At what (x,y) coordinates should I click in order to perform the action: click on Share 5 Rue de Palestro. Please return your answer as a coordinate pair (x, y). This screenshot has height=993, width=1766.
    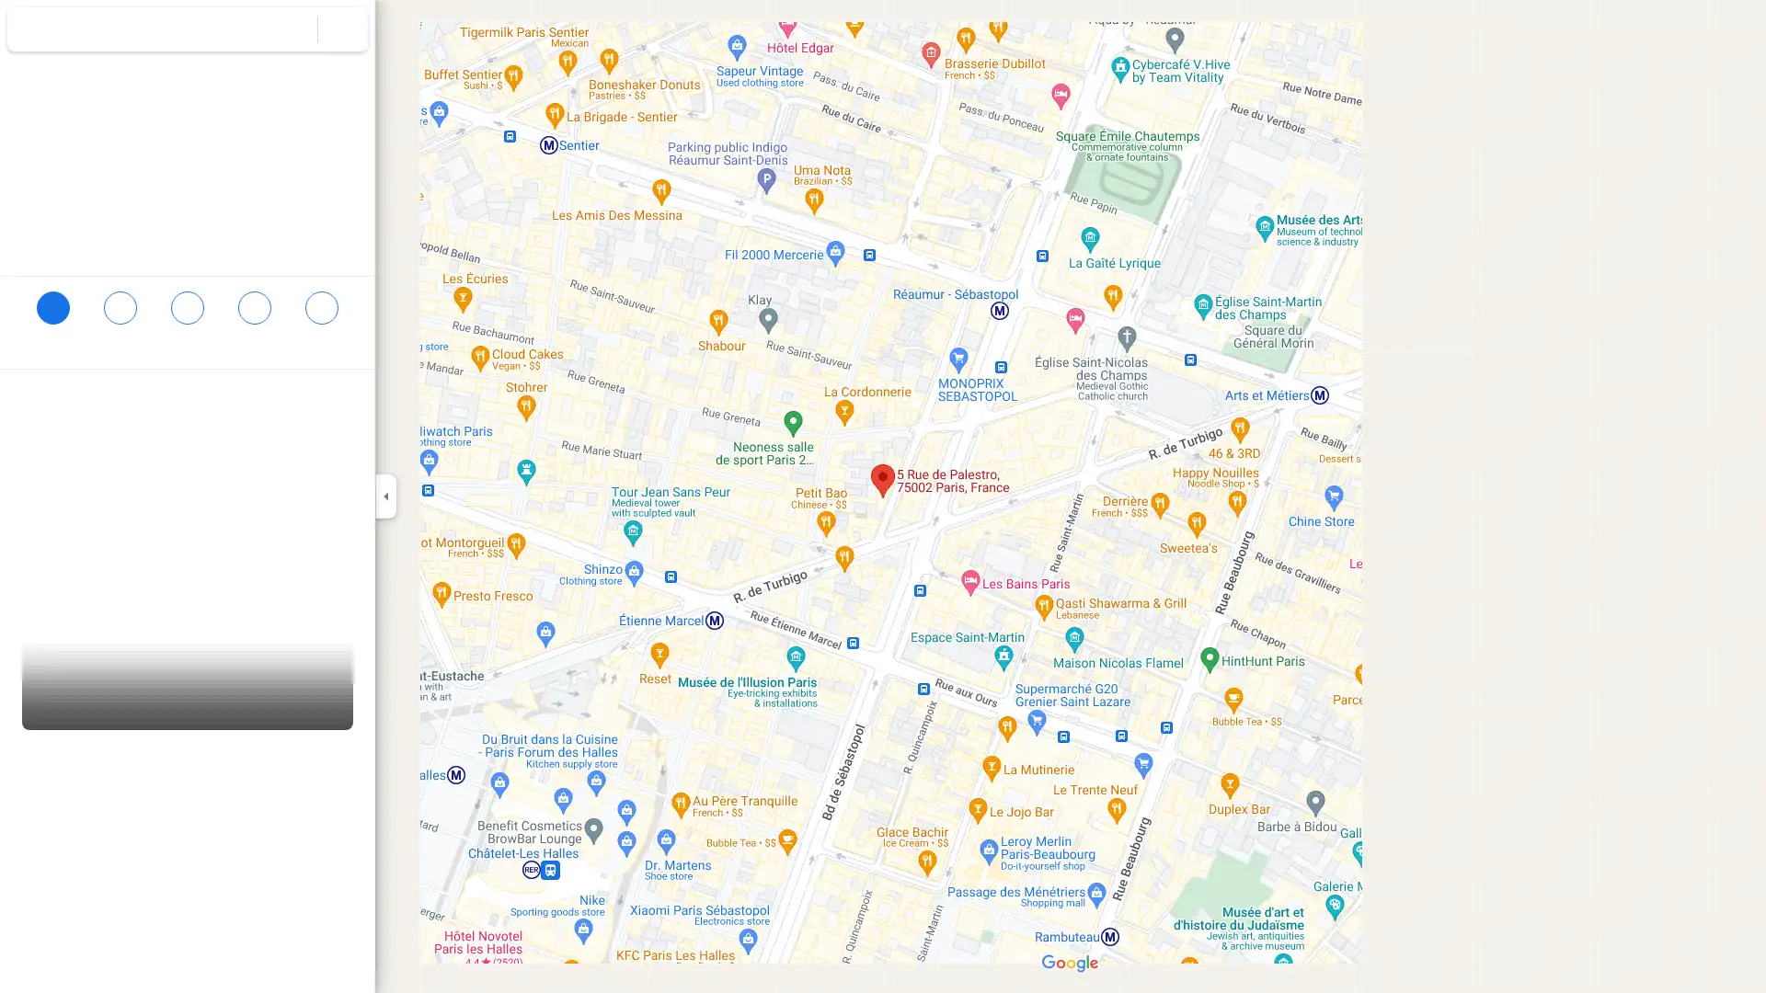
    Looking at the image, I should click on (321, 314).